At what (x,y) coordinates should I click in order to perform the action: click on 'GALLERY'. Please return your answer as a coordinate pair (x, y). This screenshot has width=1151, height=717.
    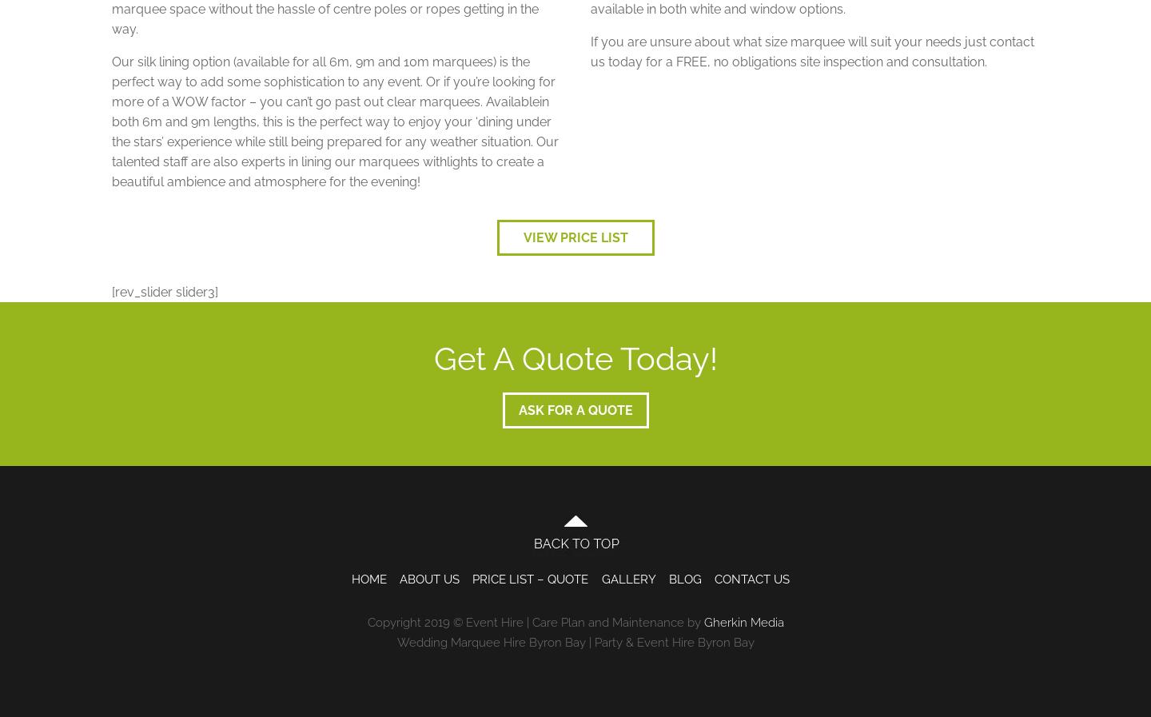
    Looking at the image, I should click on (627, 579).